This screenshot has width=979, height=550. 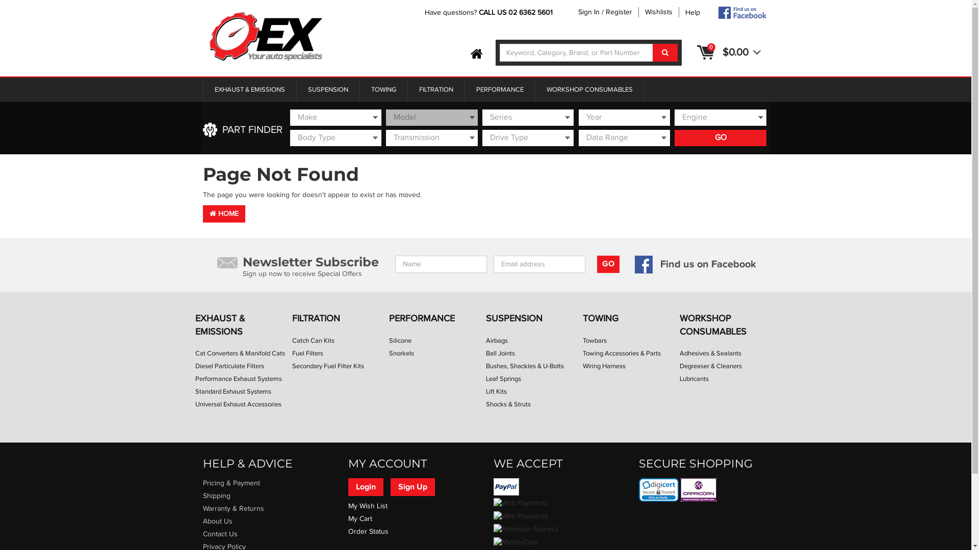 I want to click on 'SUSPENSION', so click(x=327, y=89).